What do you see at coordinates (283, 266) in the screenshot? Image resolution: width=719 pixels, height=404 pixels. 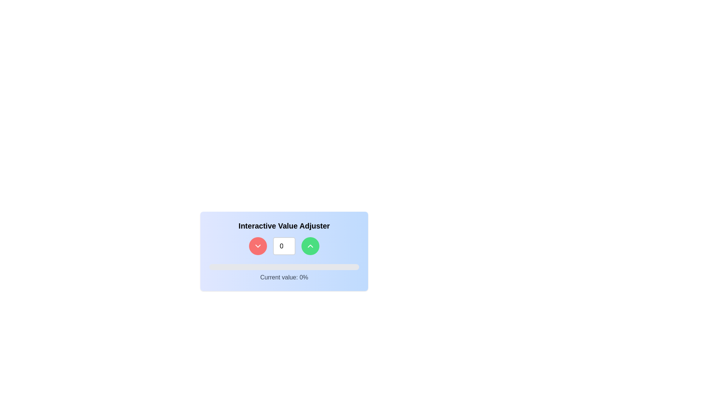 I see `the progress bar located at the bottom of the 'Interactive Value Adjuster' card, which visually represents the current state of progress with a blue segment` at bounding box center [283, 266].